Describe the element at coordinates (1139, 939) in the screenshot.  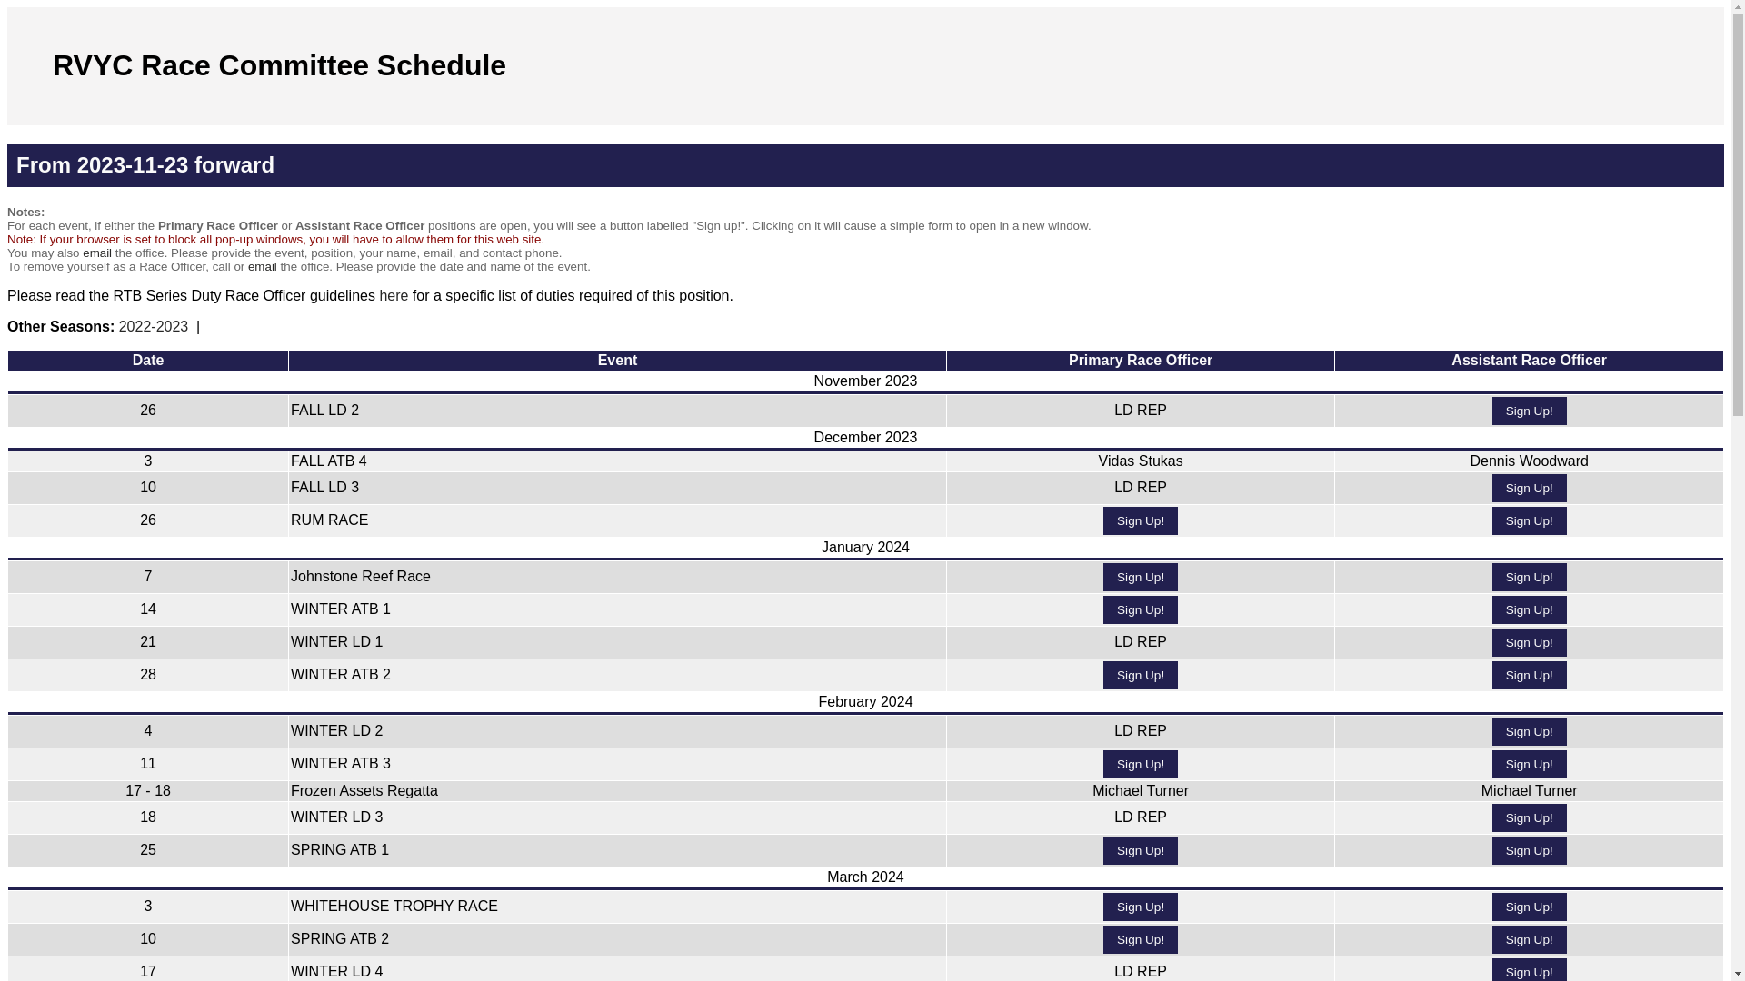
I see `'Sign Up!'` at that location.